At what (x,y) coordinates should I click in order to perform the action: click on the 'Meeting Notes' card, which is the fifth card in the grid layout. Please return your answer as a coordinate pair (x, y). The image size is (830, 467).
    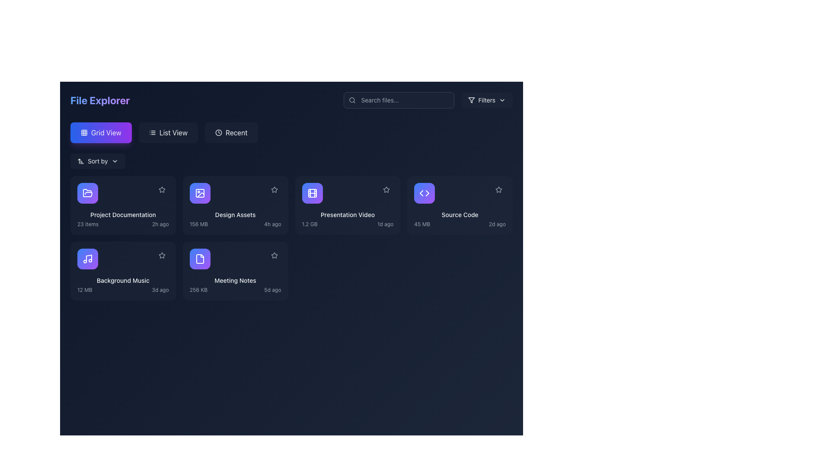
    Looking at the image, I should click on (235, 271).